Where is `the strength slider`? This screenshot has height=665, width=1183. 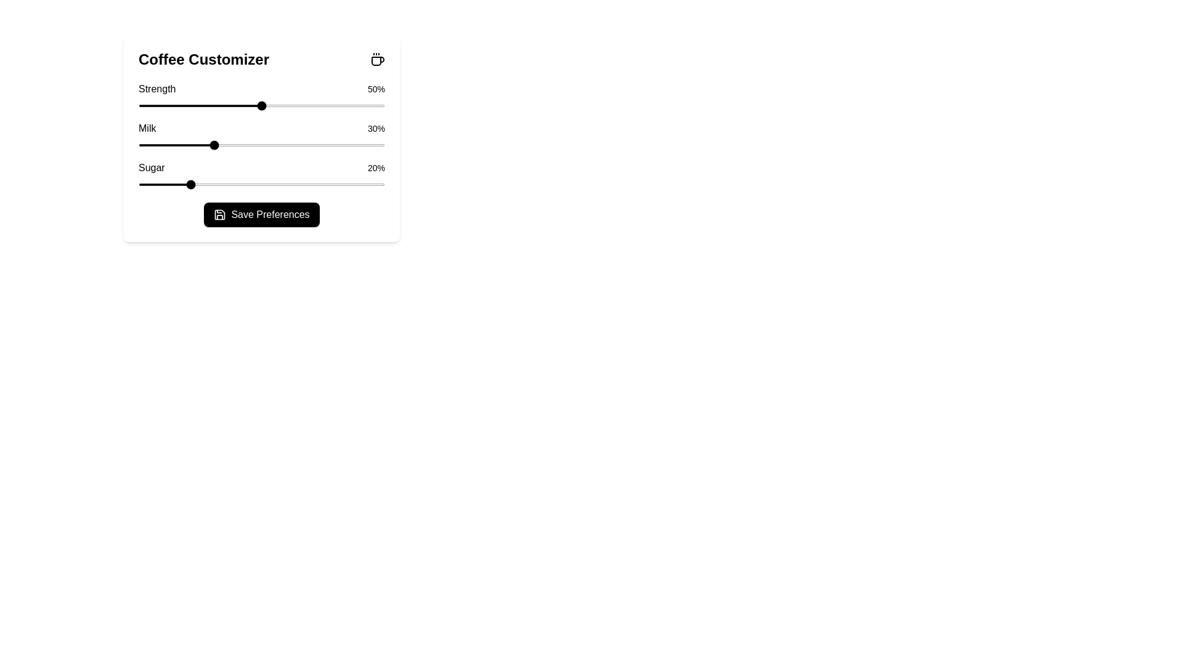 the strength slider is located at coordinates (205, 105).